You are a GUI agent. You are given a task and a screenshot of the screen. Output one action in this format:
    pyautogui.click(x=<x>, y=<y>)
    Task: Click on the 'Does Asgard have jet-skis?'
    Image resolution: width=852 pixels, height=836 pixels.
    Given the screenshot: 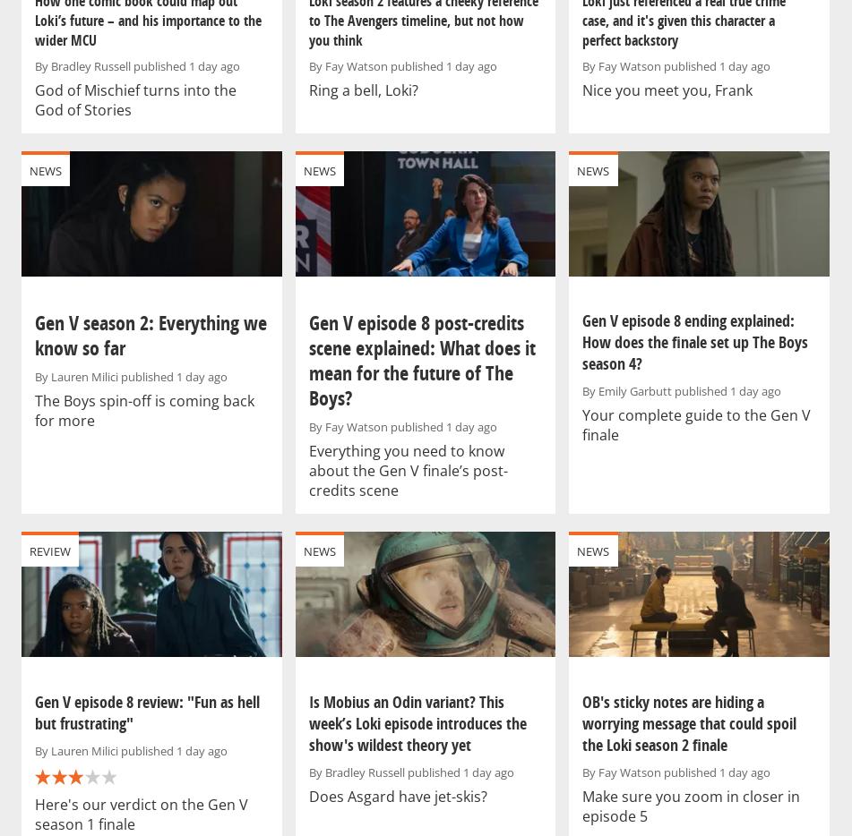 What is the action you would take?
    pyautogui.click(x=397, y=795)
    